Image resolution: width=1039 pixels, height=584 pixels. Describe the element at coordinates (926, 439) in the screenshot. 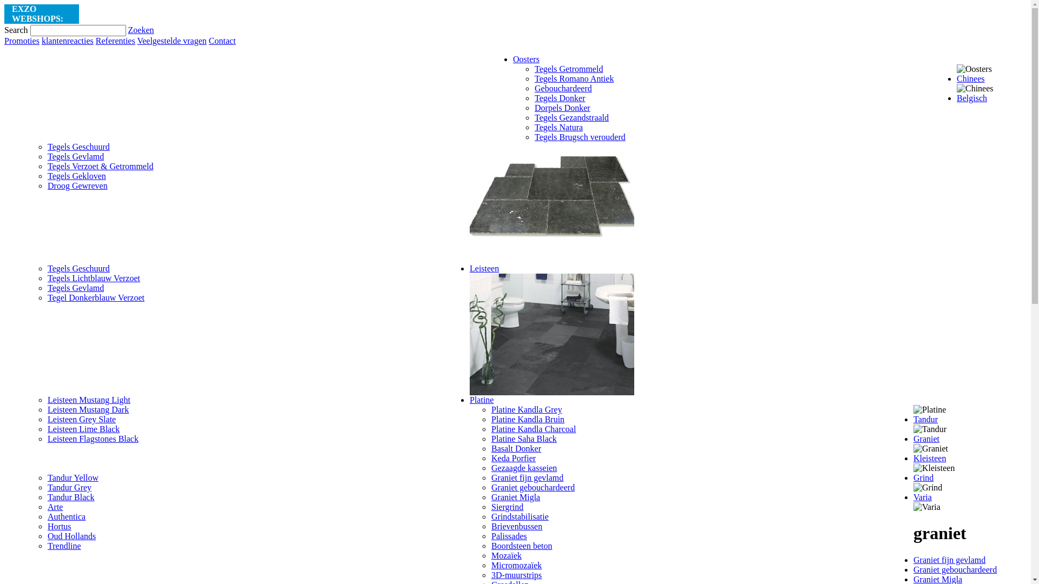

I see `'Graniet'` at that location.